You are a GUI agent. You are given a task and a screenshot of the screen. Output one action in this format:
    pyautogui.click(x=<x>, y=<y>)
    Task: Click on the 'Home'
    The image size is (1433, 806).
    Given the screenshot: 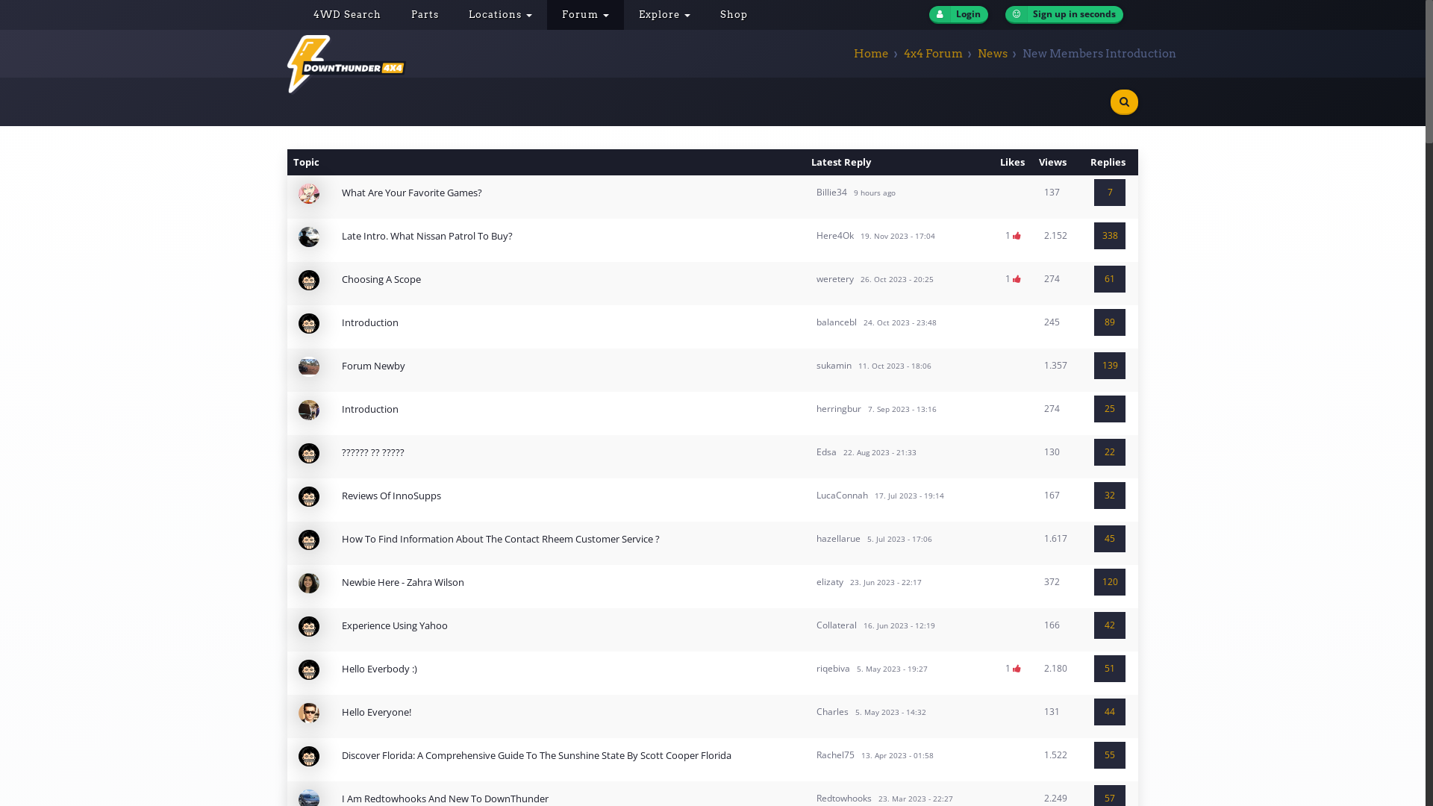 What is the action you would take?
    pyautogui.click(x=871, y=53)
    